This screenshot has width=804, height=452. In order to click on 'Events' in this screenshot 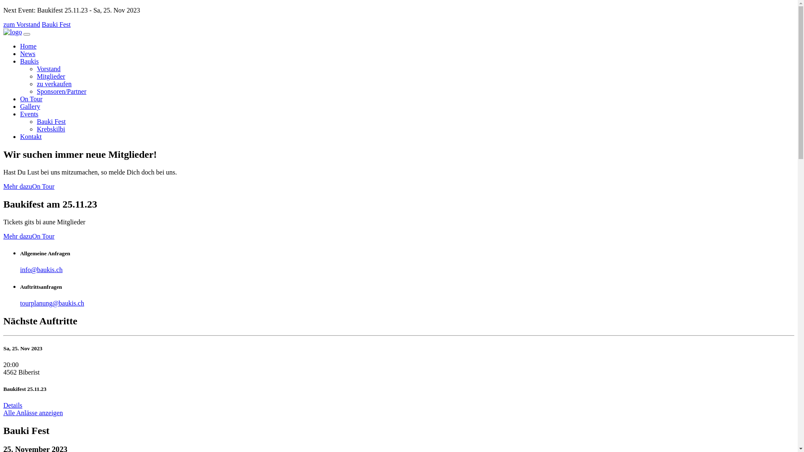, I will do `click(20, 114)`.